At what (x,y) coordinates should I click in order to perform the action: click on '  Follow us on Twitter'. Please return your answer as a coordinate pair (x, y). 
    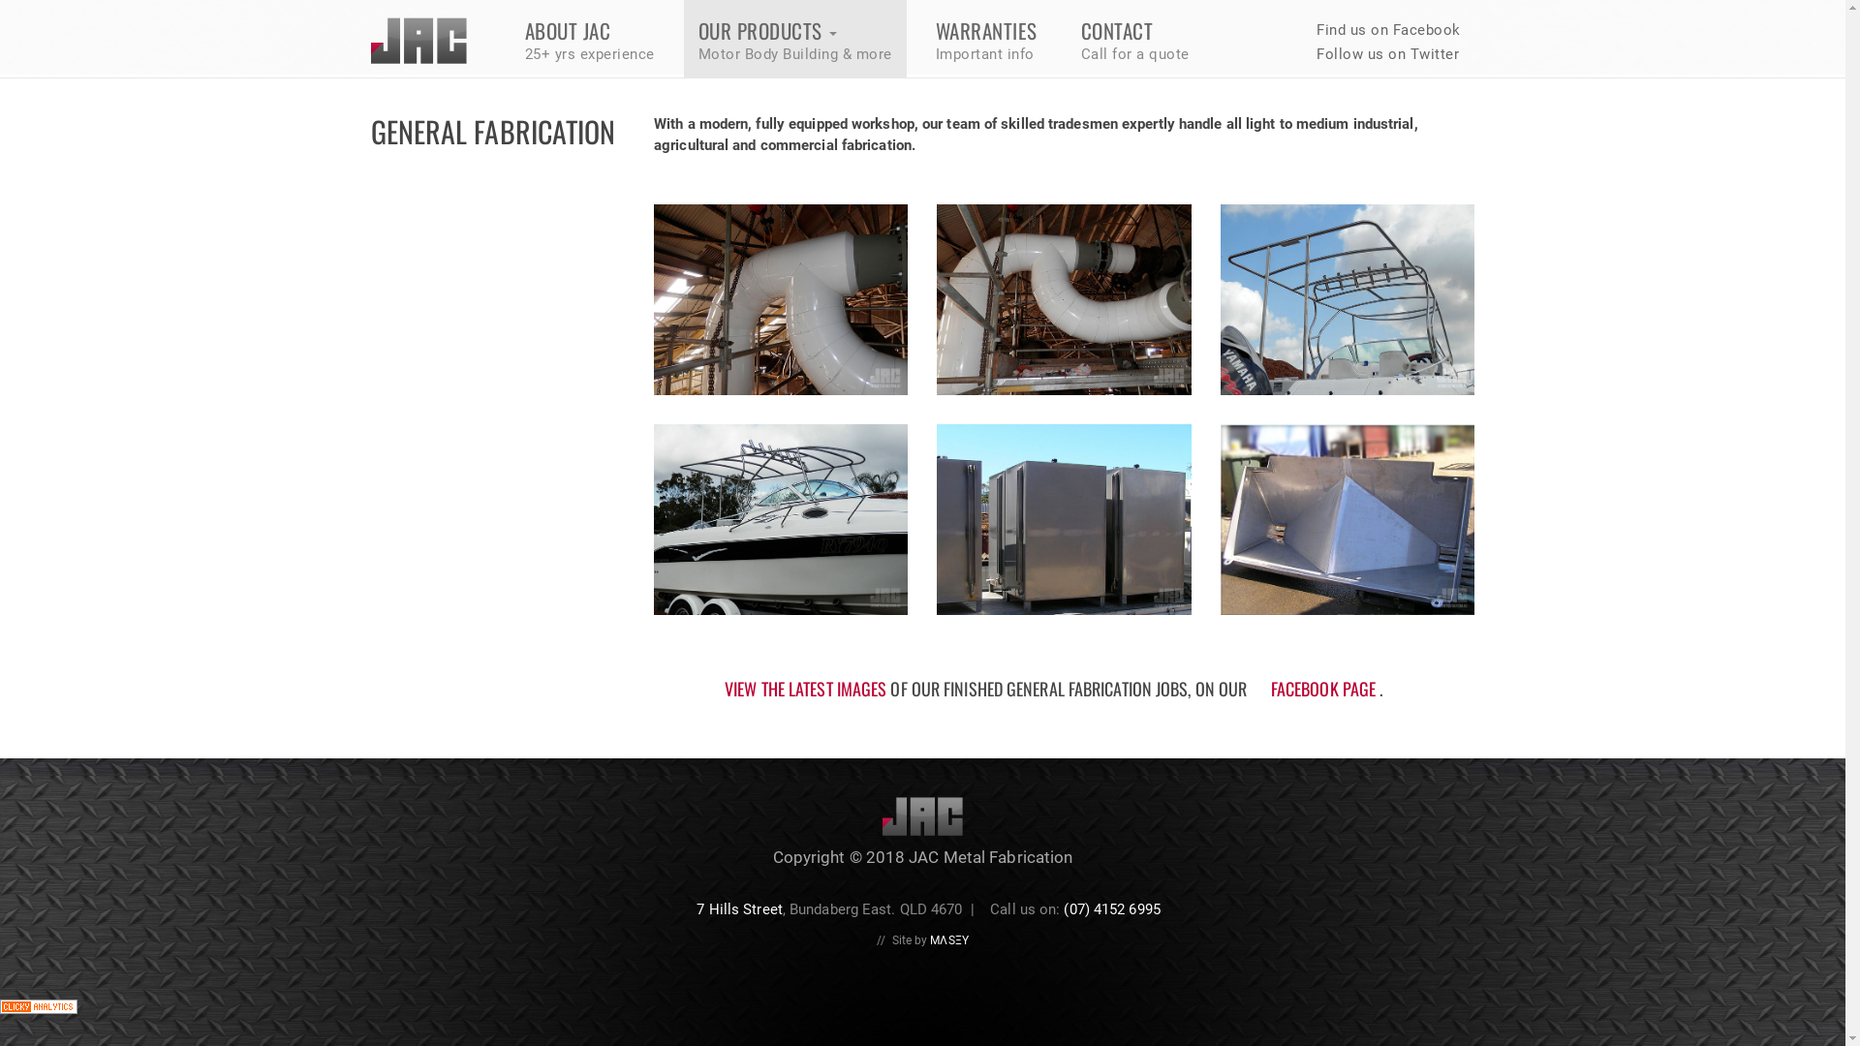
    Looking at the image, I should click on (1383, 53).